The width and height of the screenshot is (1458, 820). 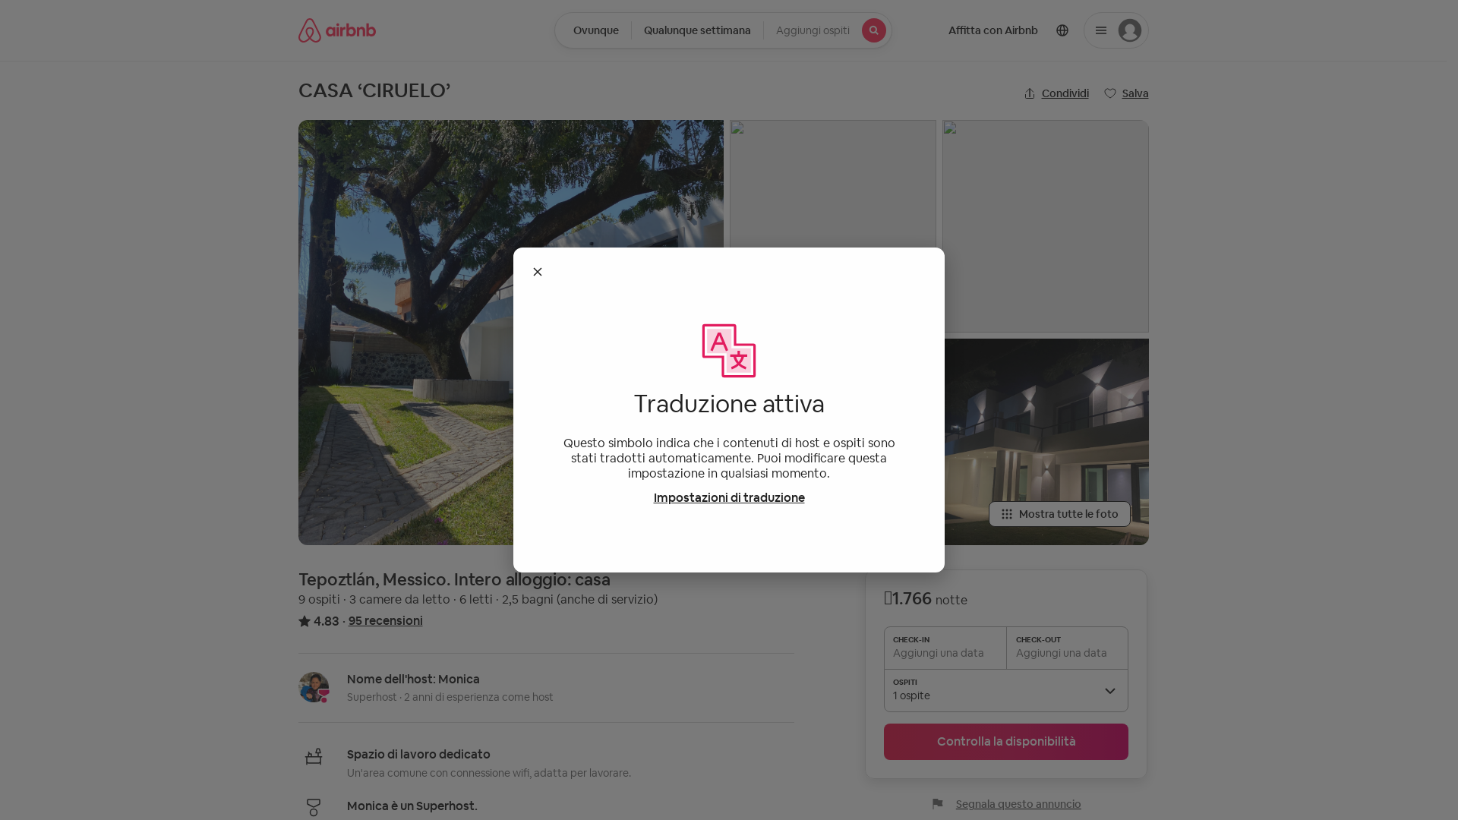 I want to click on 'Segnala questo annuncio', so click(x=1006, y=803).